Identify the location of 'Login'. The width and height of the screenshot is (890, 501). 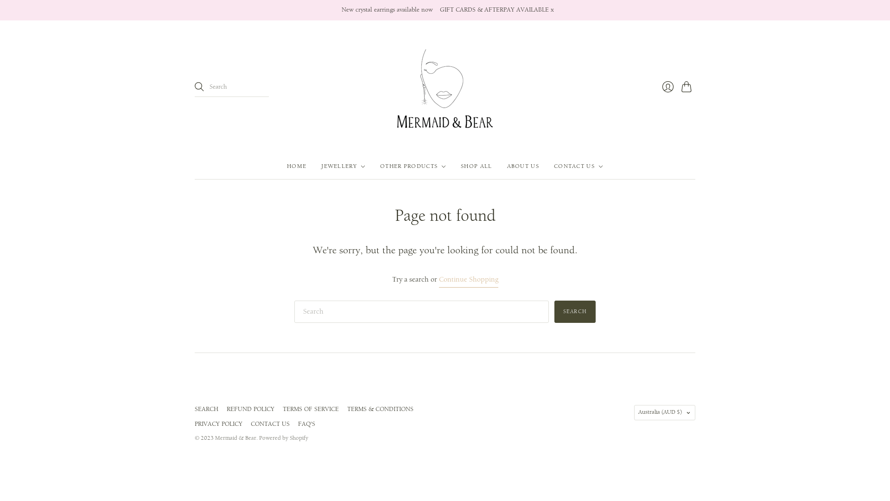
(667, 86).